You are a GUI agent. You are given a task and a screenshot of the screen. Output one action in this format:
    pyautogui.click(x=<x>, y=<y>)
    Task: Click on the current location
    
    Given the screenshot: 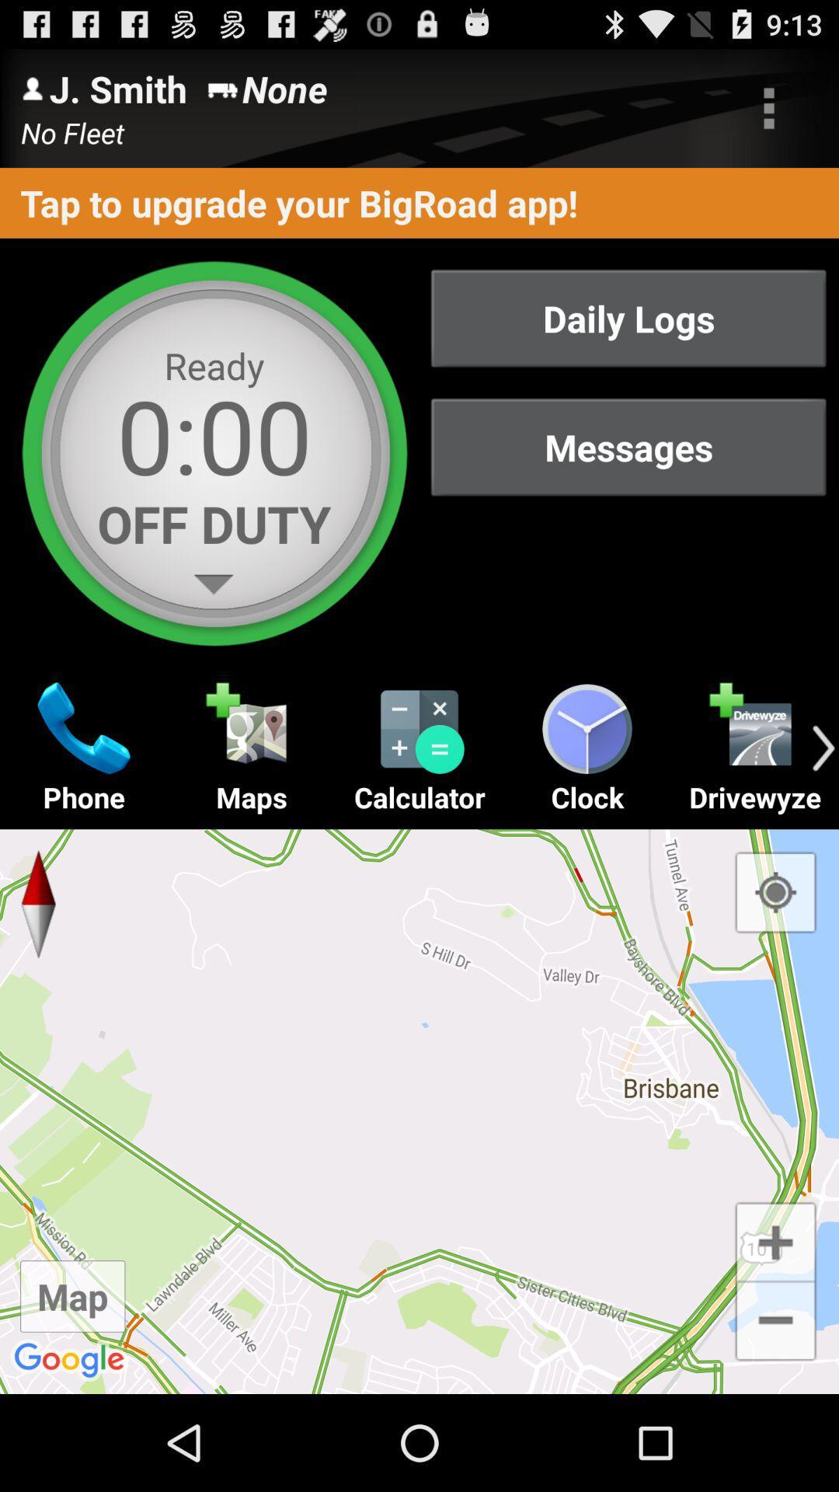 What is the action you would take?
    pyautogui.click(x=775, y=892)
    